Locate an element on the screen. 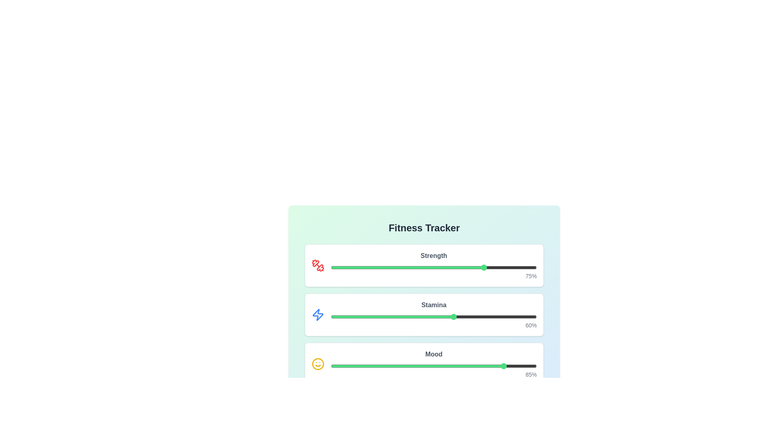 This screenshot has width=775, height=436. the 'Strength' slider to 33 percent is located at coordinates (399, 268).